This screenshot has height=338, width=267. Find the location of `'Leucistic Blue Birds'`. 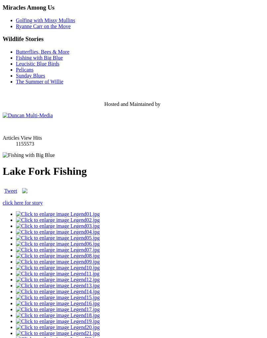

'Leucistic Blue Birds' is located at coordinates (37, 63).